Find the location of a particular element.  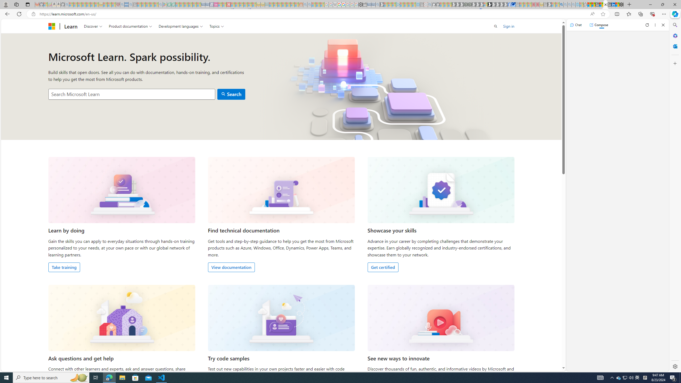

'Target page - Wikipedia - Sleeping' is located at coordinates (335, 4).